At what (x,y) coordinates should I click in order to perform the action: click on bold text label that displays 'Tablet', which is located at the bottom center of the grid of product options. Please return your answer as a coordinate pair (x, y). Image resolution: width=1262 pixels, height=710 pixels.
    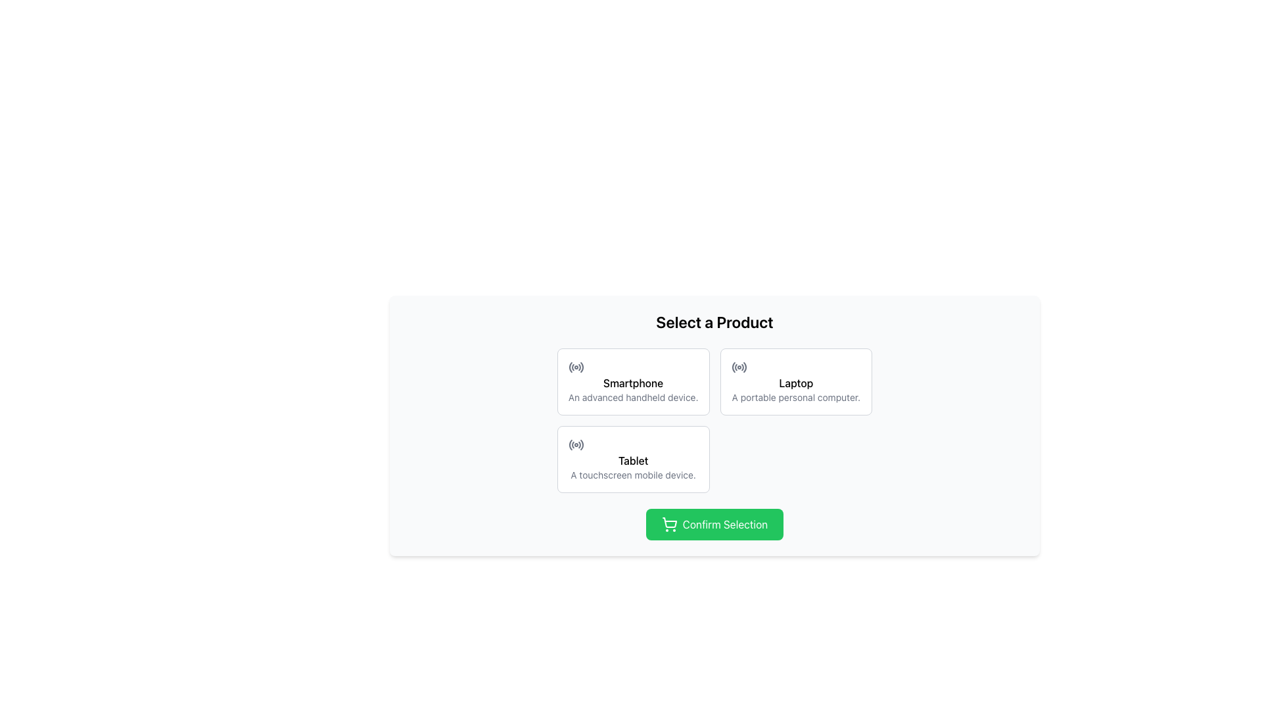
    Looking at the image, I should click on (633, 460).